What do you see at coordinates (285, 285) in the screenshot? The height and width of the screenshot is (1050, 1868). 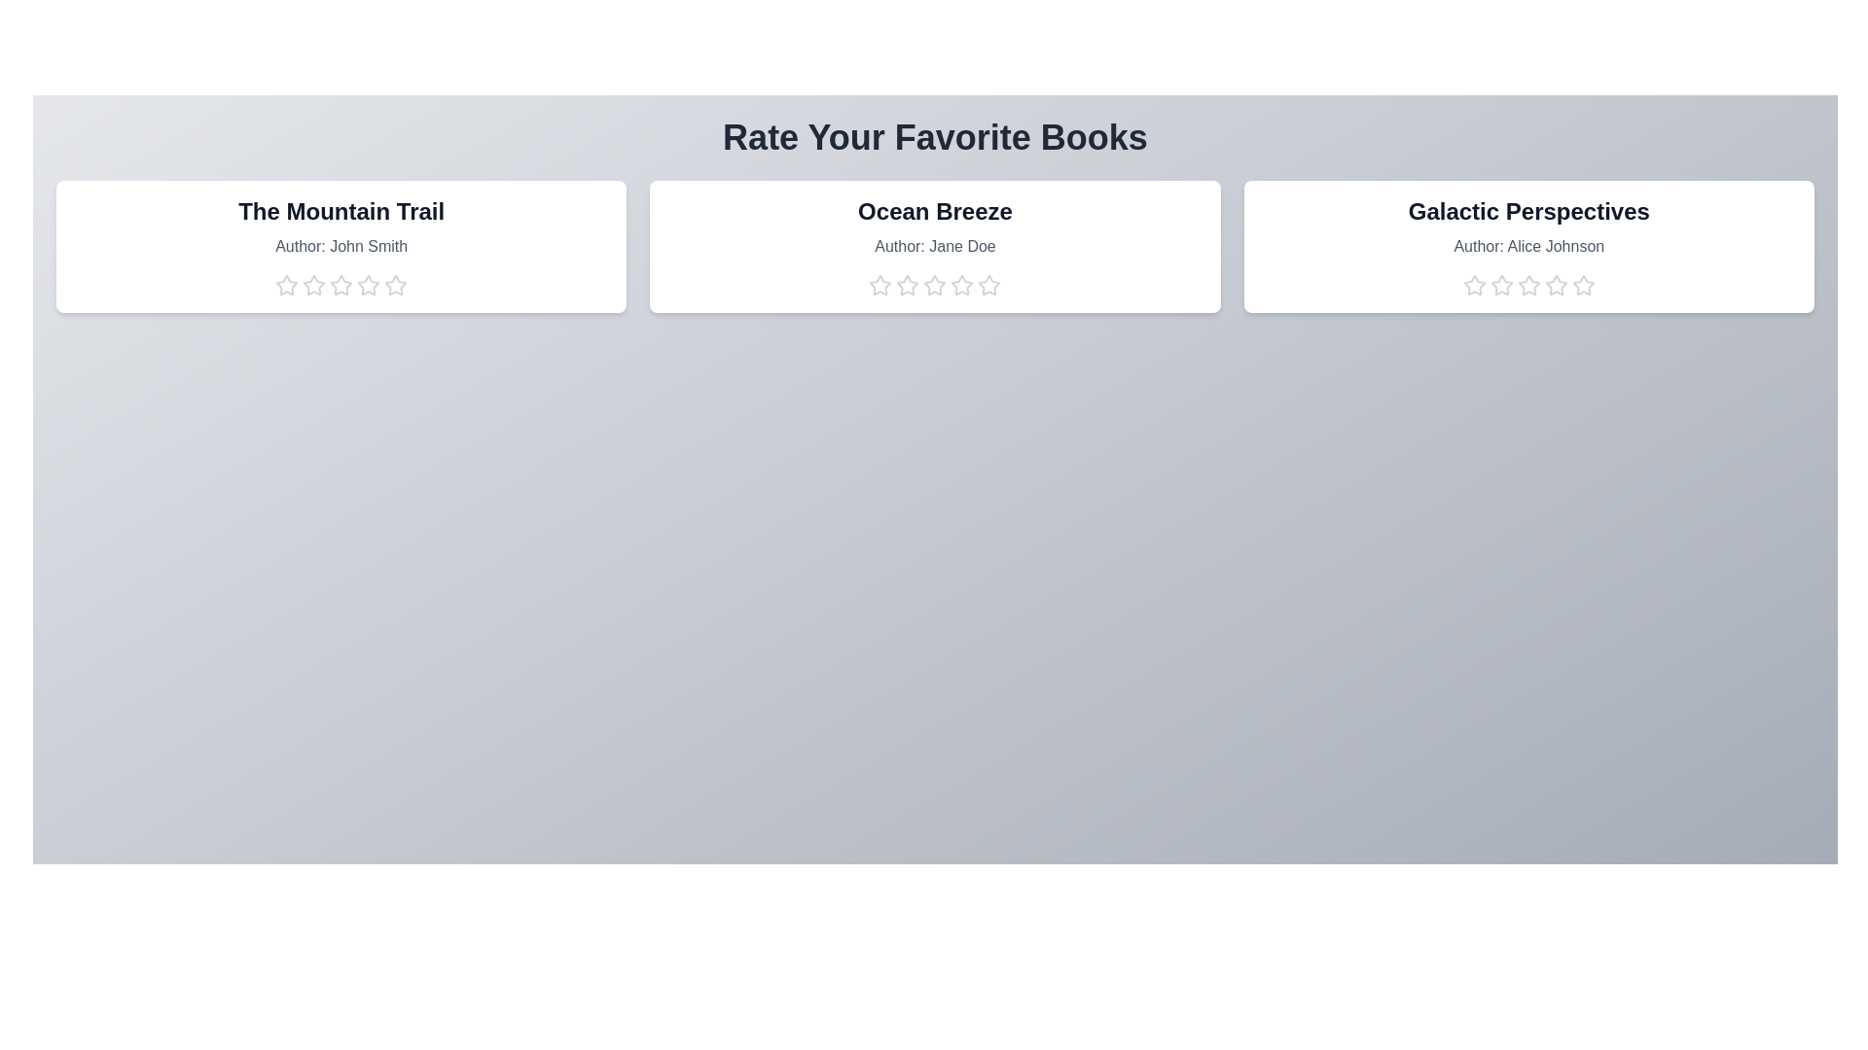 I see `the star corresponding to 1 to preview the rating` at bounding box center [285, 285].